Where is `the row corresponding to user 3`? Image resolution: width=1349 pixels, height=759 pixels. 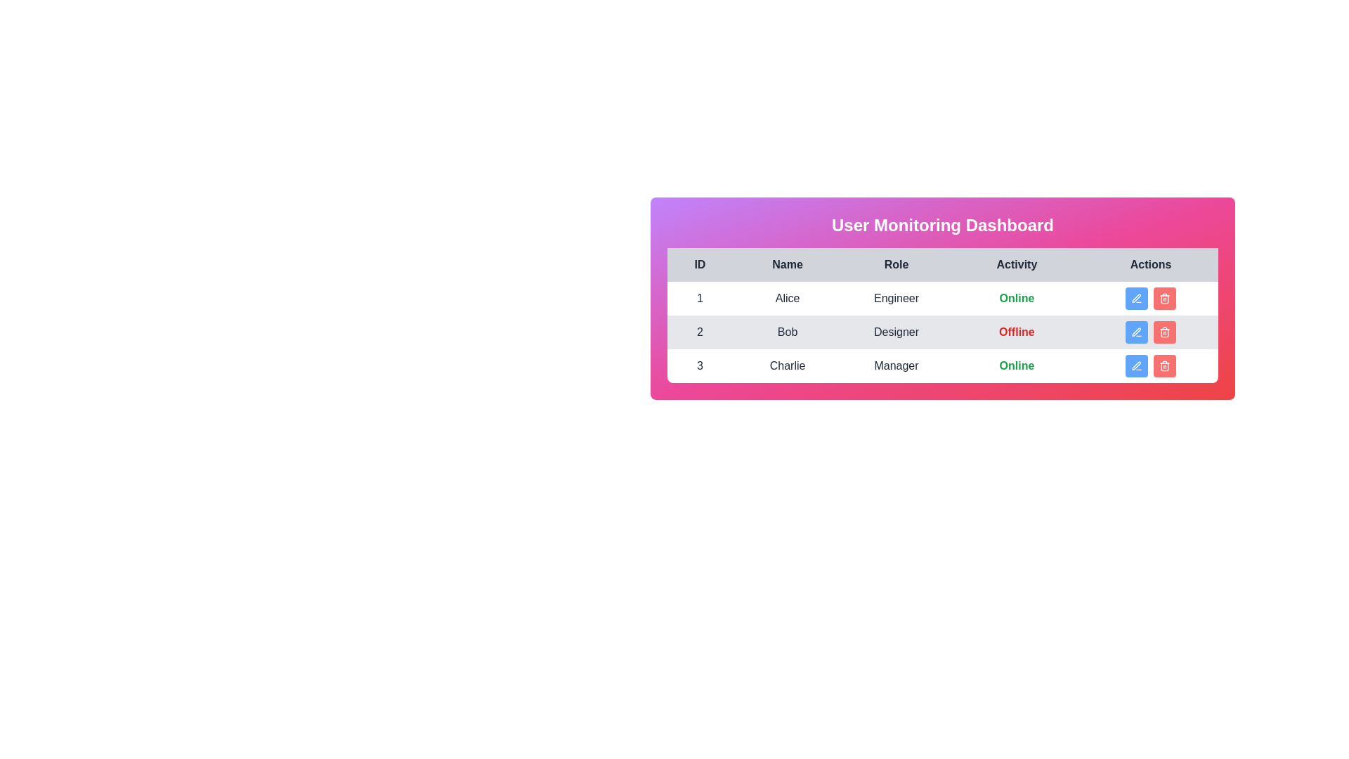 the row corresponding to user 3 is located at coordinates (943, 365).